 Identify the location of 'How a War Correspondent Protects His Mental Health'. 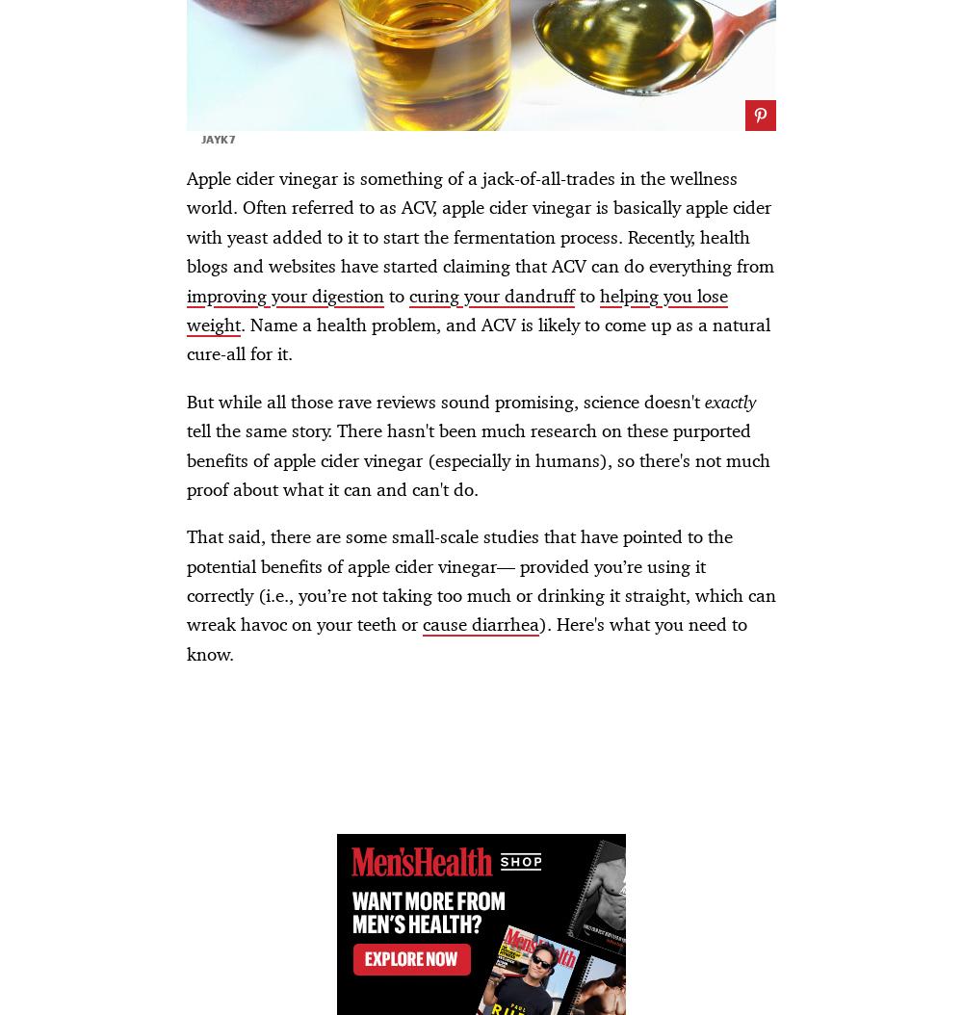
(573, 430).